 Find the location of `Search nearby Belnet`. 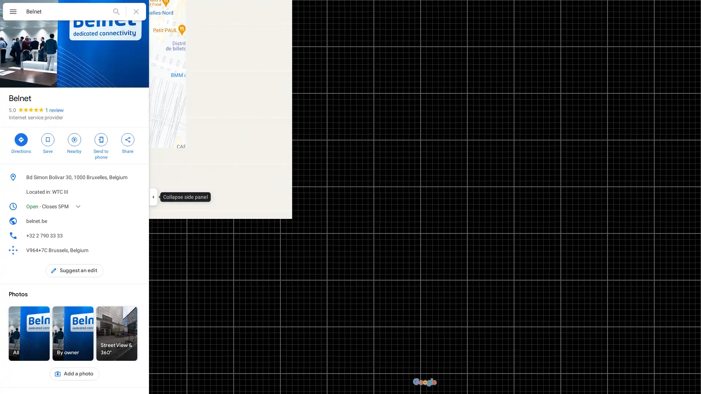

Search nearby Belnet is located at coordinates (74, 142).